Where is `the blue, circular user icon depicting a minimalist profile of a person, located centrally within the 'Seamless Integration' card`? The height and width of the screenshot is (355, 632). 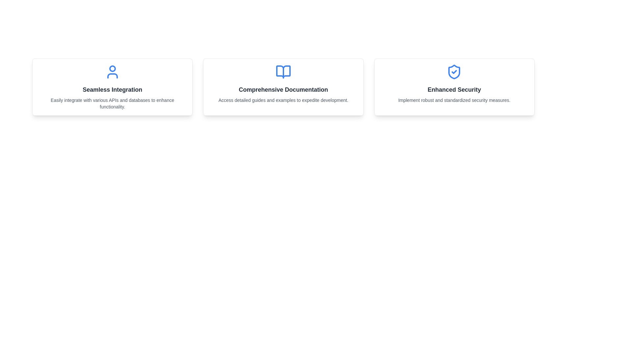 the blue, circular user icon depicting a minimalist profile of a person, located centrally within the 'Seamless Integration' card is located at coordinates (112, 72).